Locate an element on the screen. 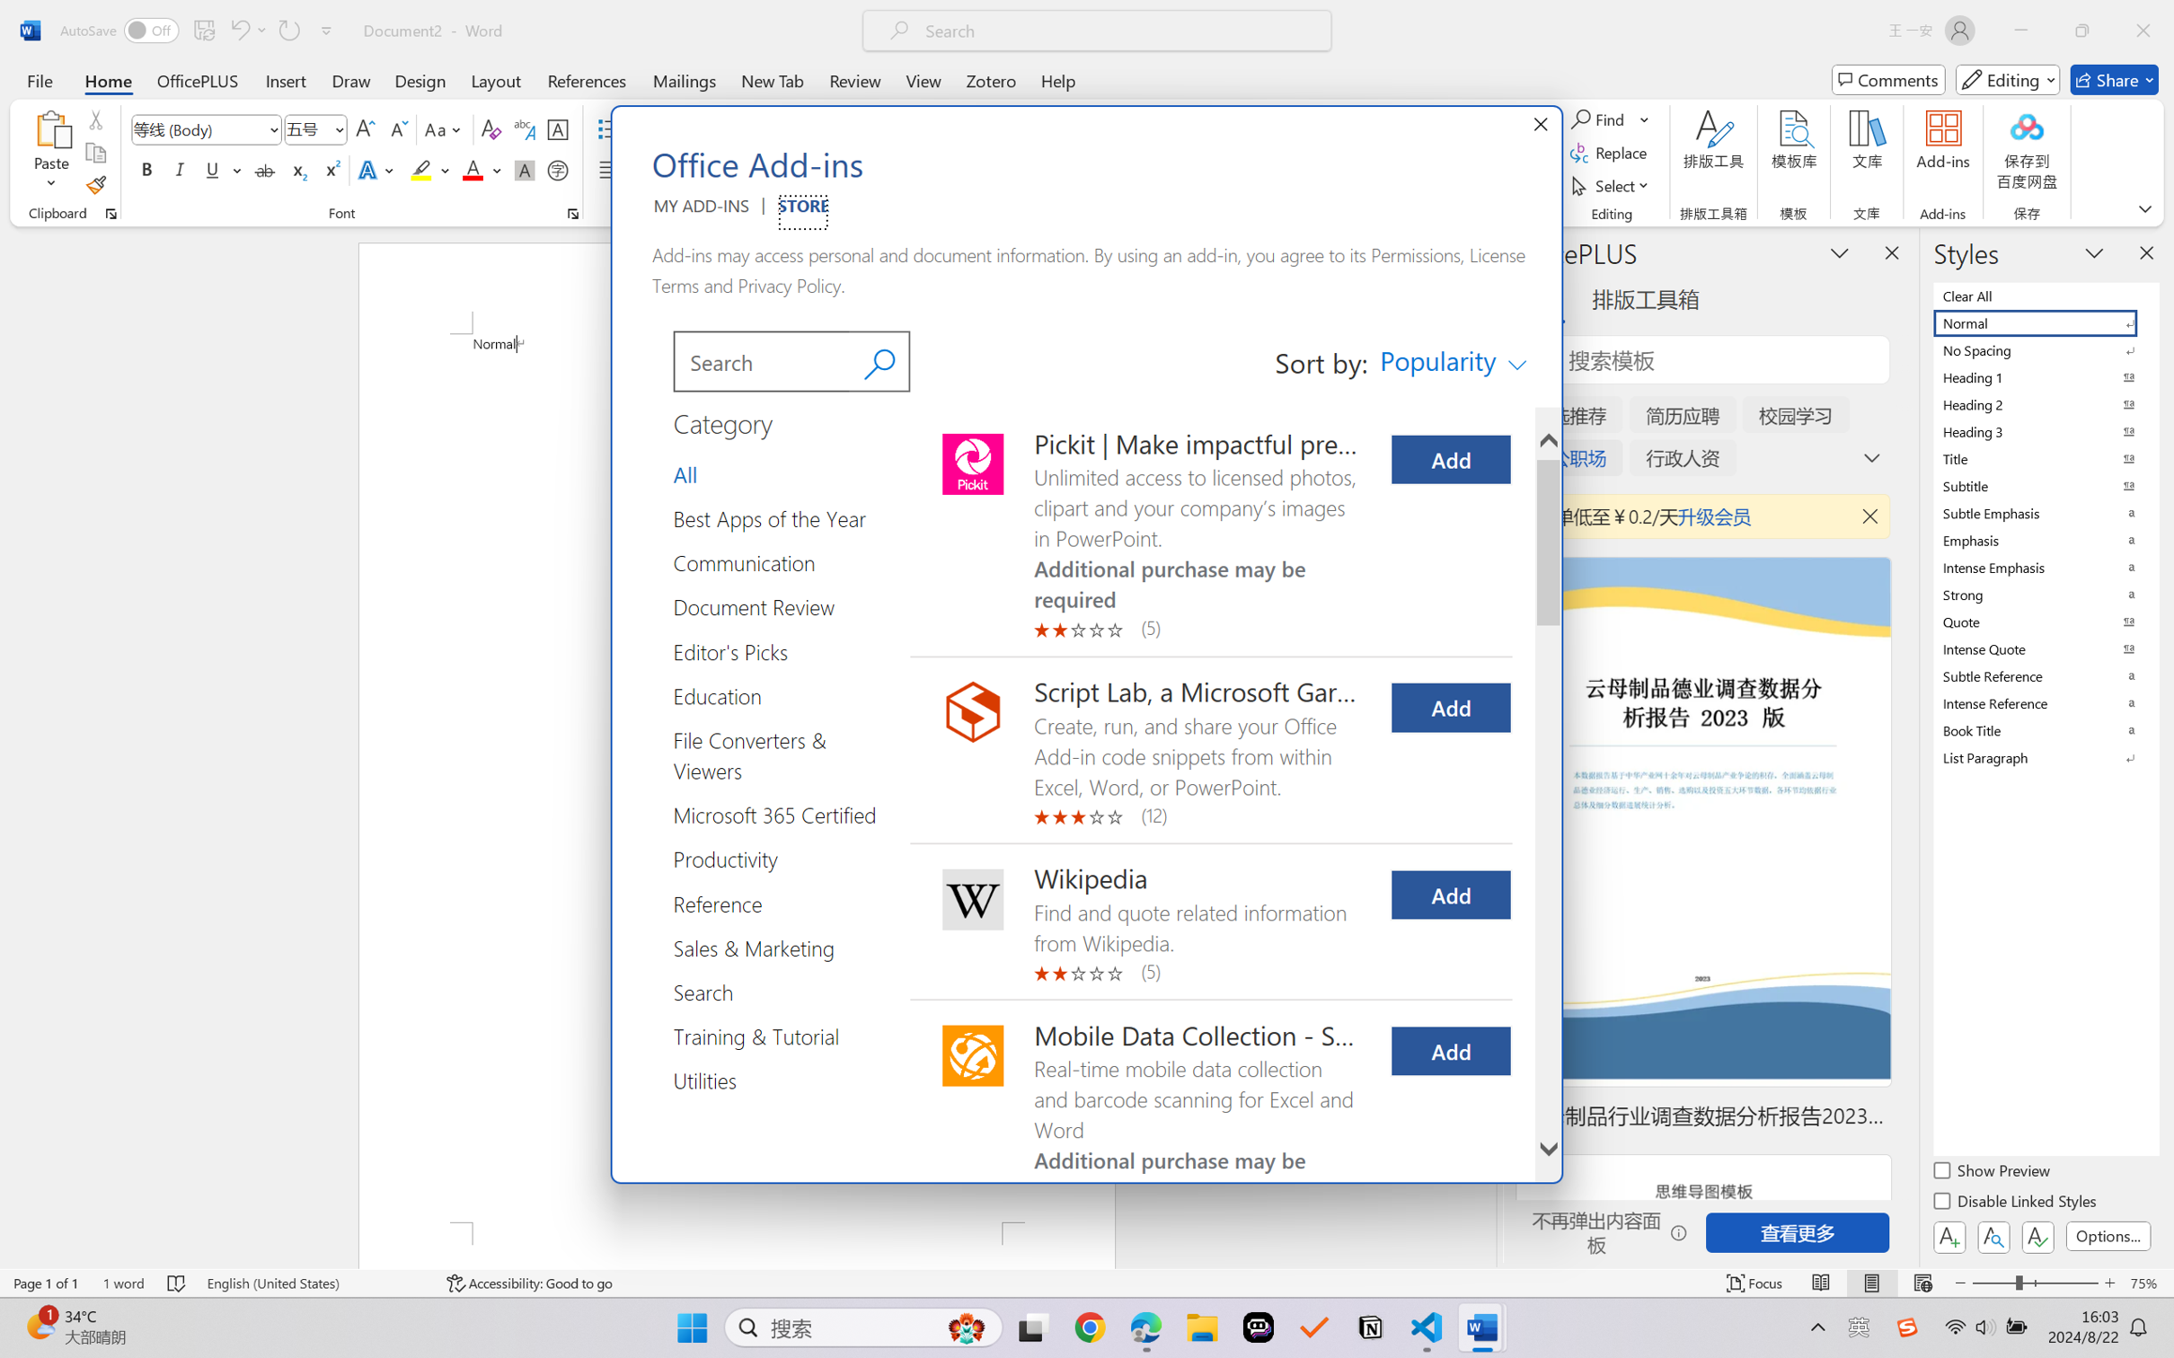 The height and width of the screenshot is (1358, 2174). 'Google Chrome' is located at coordinates (1090, 1327).